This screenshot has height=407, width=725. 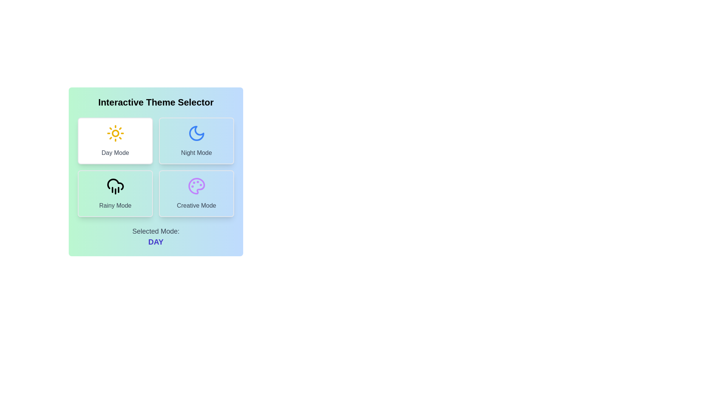 I want to click on the theme Day Mode by clicking its corresponding button, so click(x=115, y=141).